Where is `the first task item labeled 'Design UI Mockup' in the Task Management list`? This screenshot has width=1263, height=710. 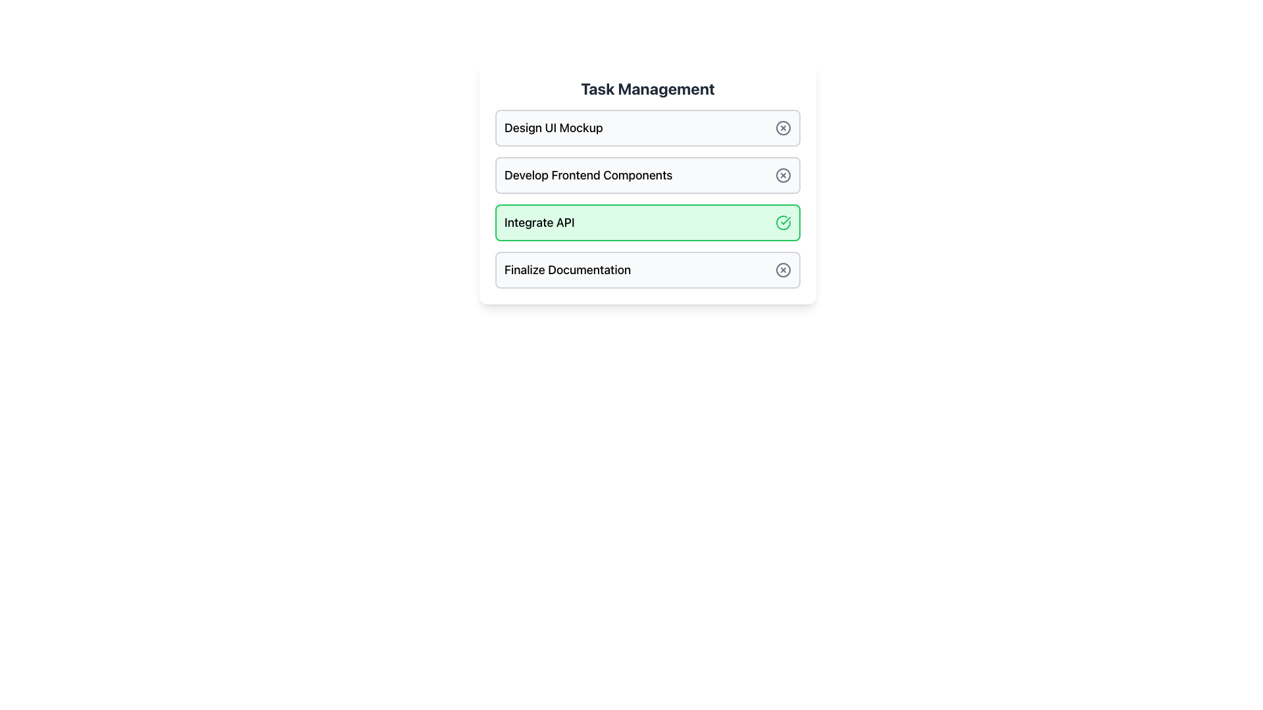
the first task item labeled 'Design UI Mockup' in the Task Management list is located at coordinates (647, 128).